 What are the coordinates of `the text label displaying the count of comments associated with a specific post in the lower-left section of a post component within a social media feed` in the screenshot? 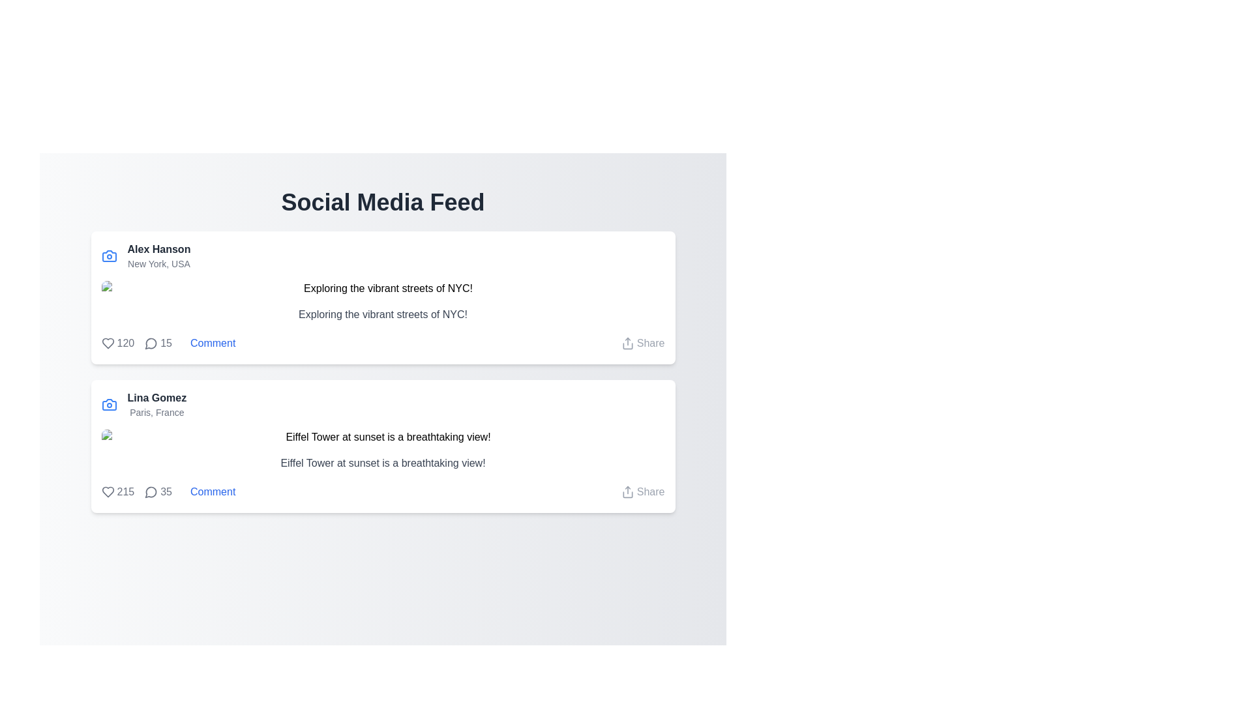 It's located at (166, 343).